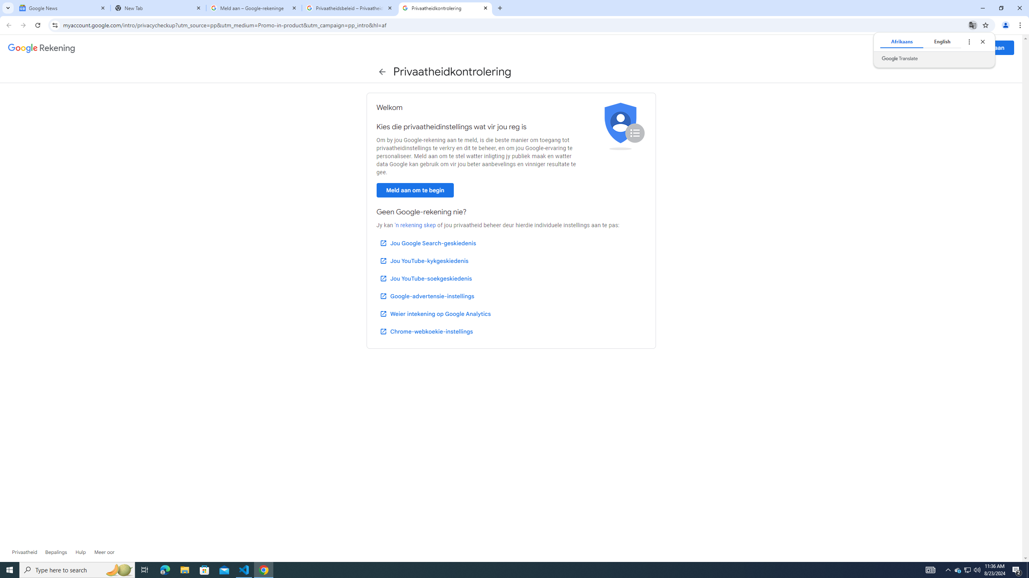 This screenshot has height=578, width=1029. What do you see at coordinates (414, 190) in the screenshot?
I see `'Meld aan om te begin'` at bounding box center [414, 190].